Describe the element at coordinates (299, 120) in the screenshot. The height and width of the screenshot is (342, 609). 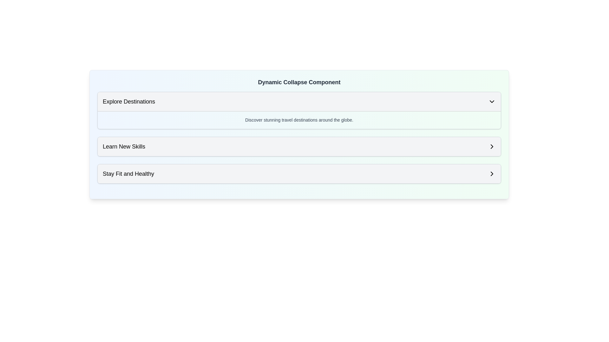
I see `the text element containing 'Discover stunning travel destinations around the globe.' which is located under the 'Explore Destinations' section` at that location.